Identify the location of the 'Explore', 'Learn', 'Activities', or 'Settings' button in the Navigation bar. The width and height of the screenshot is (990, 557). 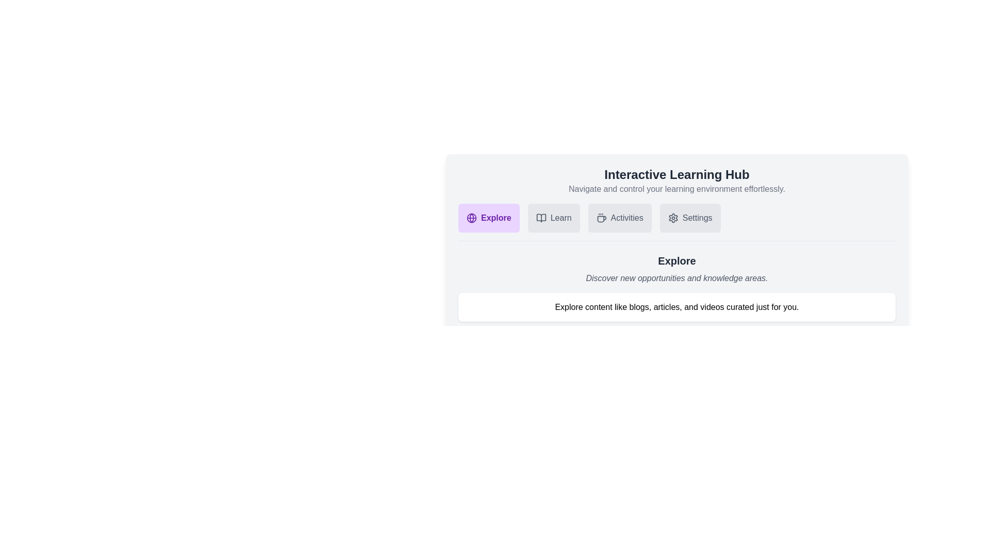
(677, 222).